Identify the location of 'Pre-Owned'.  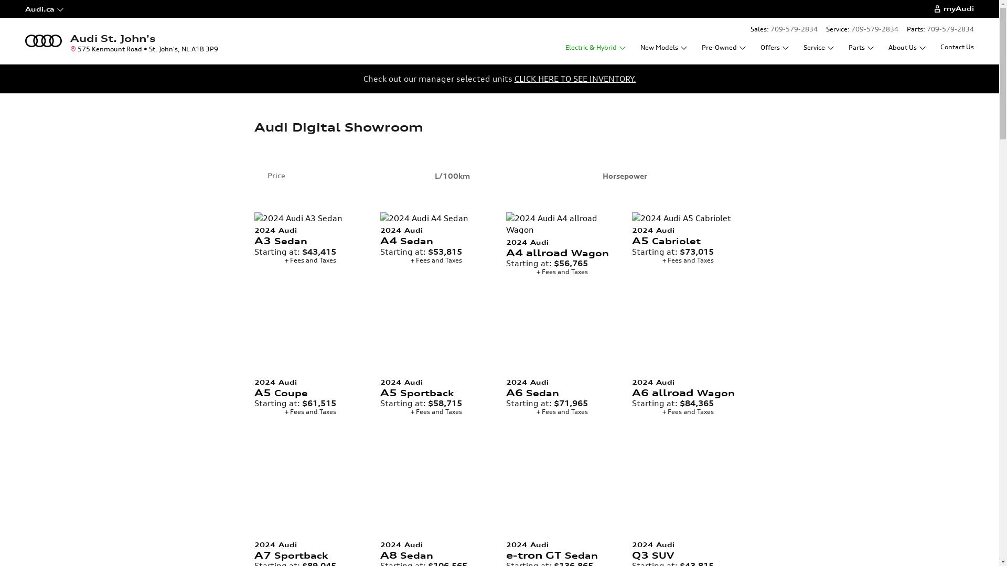
(723, 47).